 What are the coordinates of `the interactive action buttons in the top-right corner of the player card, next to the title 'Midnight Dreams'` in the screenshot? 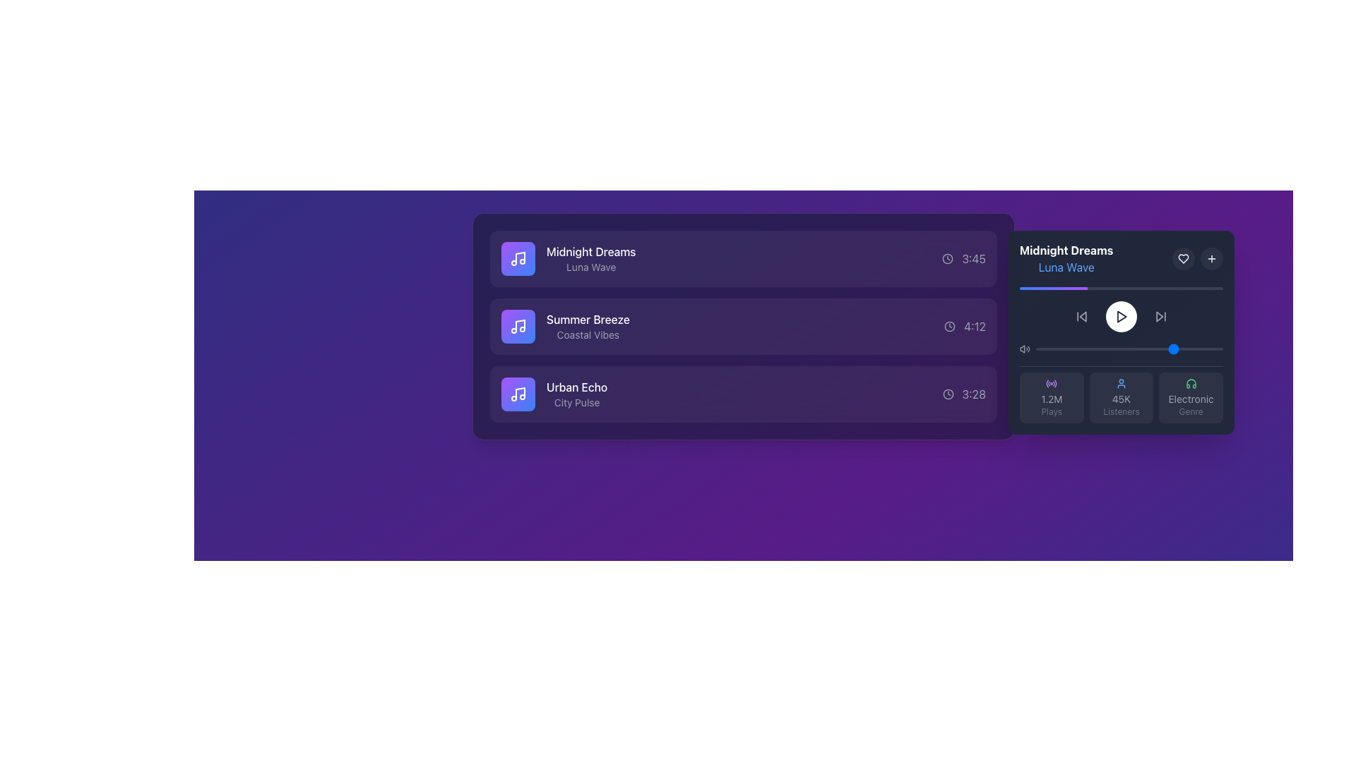 It's located at (1196, 258).